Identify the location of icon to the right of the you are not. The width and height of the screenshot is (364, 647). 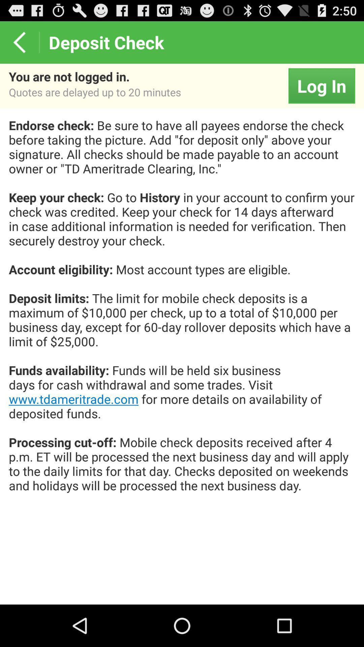
(321, 85).